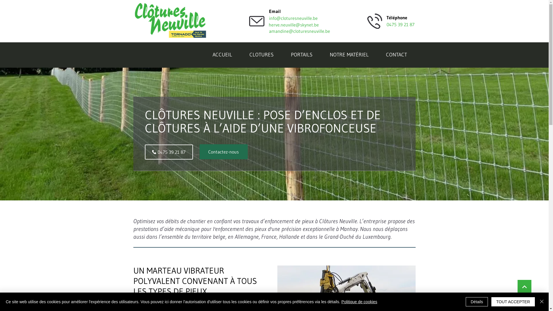 The width and height of the screenshot is (553, 311). What do you see at coordinates (396, 55) in the screenshot?
I see `'CONTACT'` at bounding box center [396, 55].